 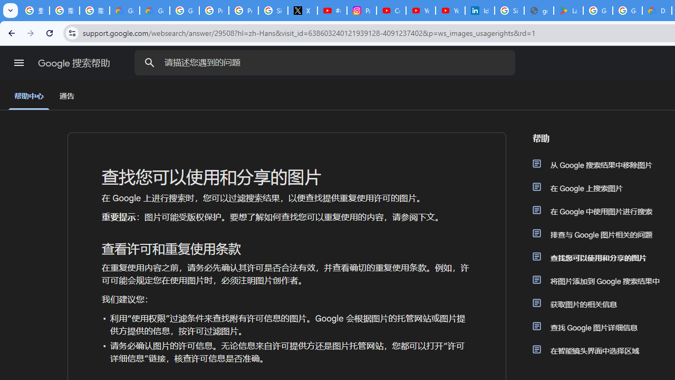 What do you see at coordinates (49, 32) in the screenshot?
I see `'Reload'` at bounding box center [49, 32].